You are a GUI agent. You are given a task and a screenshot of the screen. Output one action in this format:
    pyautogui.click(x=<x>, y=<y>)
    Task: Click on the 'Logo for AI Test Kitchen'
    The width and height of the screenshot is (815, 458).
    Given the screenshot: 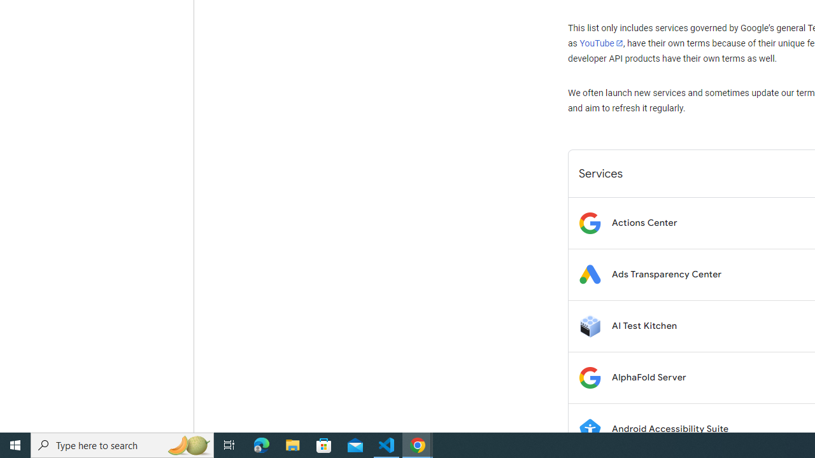 What is the action you would take?
    pyautogui.click(x=589, y=325)
    